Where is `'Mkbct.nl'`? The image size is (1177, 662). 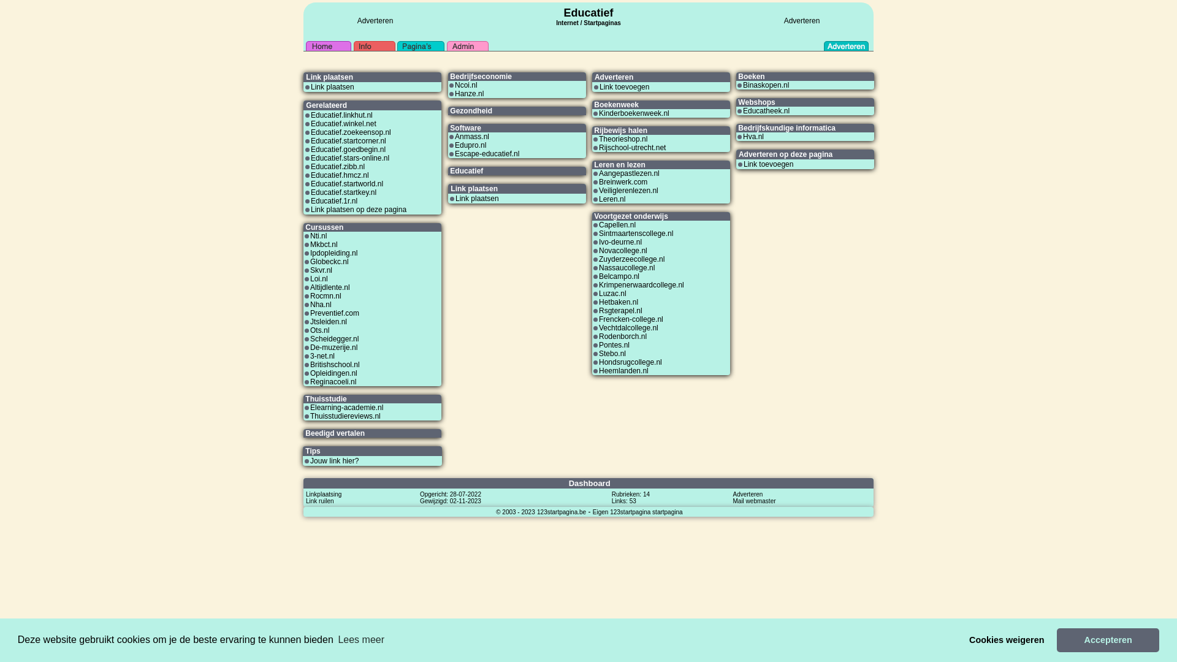
'Mkbct.nl' is located at coordinates (324, 244).